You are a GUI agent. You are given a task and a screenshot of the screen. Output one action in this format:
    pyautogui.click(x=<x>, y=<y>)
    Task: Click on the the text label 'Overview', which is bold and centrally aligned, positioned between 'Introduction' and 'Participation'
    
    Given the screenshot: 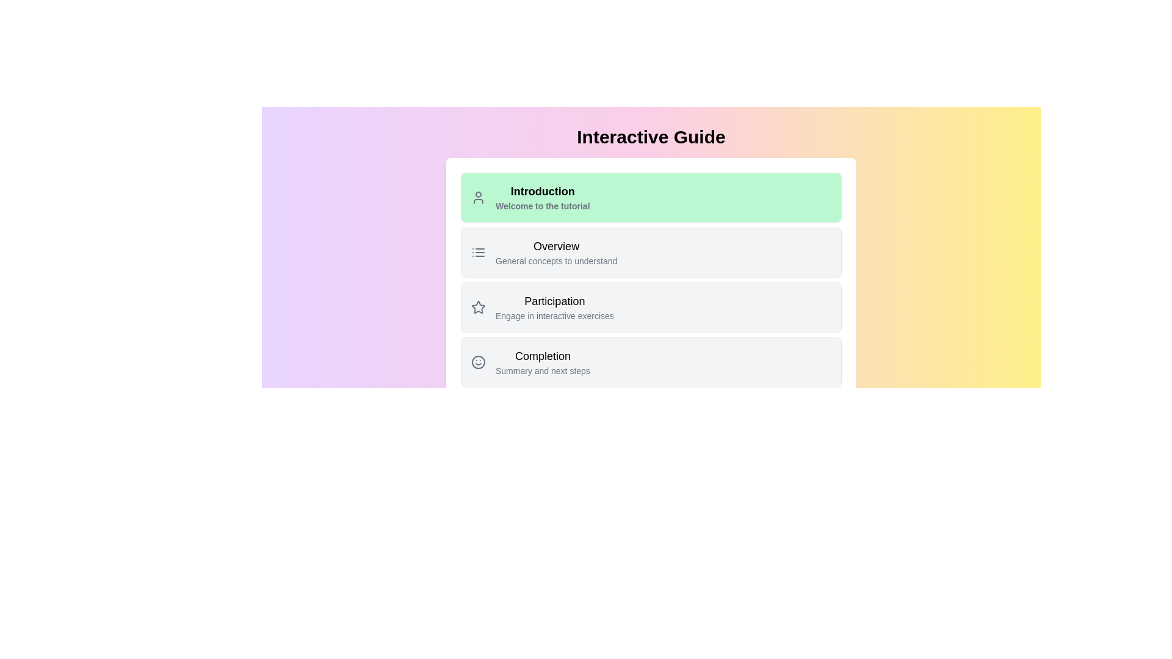 What is the action you would take?
    pyautogui.click(x=555, y=247)
    